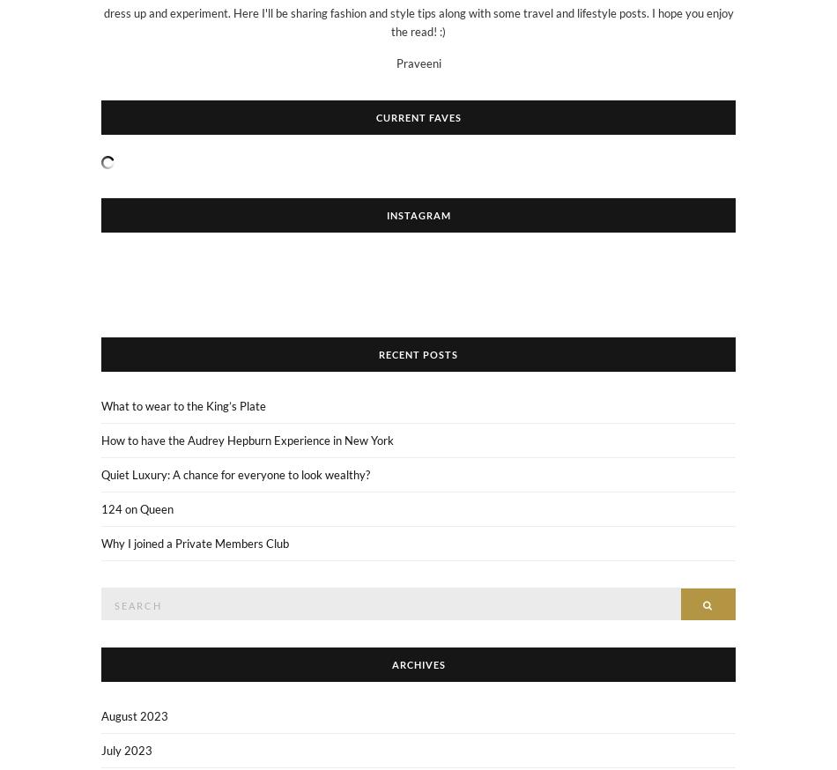  What do you see at coordinates (417, 663) in the screenshot?
I see `'Archives'` at bounding box center [417, 663].